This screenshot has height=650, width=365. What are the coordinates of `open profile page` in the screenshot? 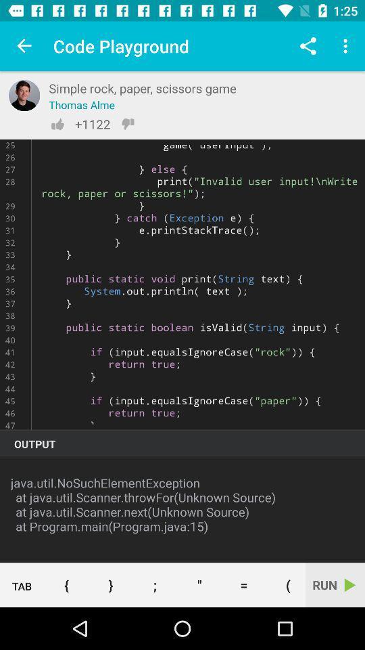 It's located at (24, 95).